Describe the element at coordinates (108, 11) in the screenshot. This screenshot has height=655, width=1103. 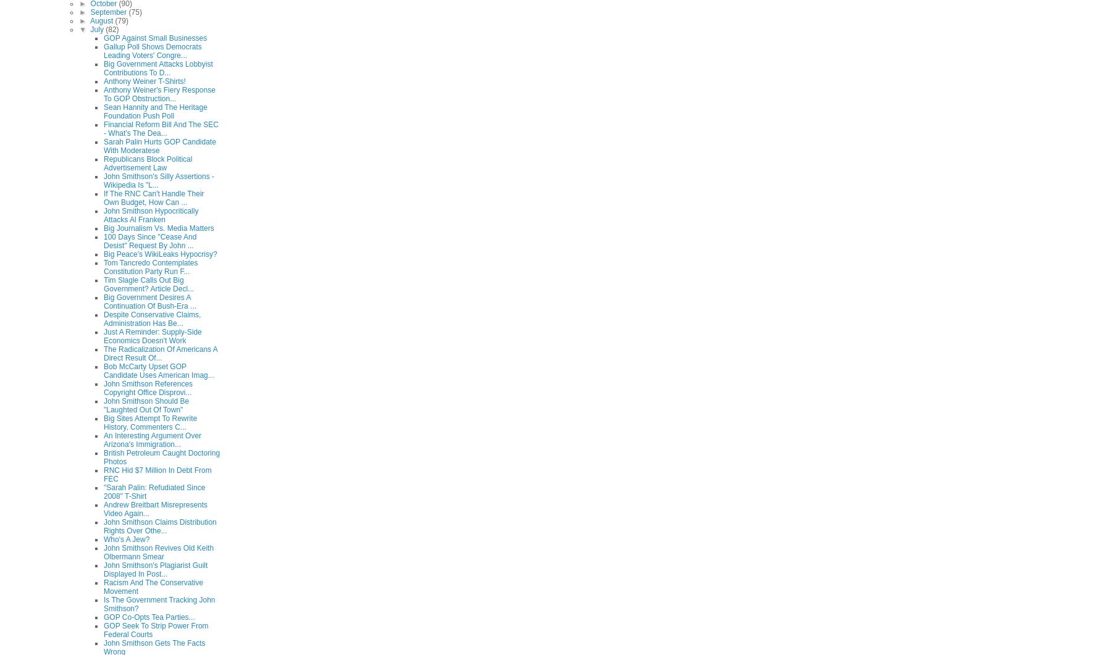
I see `'September'` at that location.